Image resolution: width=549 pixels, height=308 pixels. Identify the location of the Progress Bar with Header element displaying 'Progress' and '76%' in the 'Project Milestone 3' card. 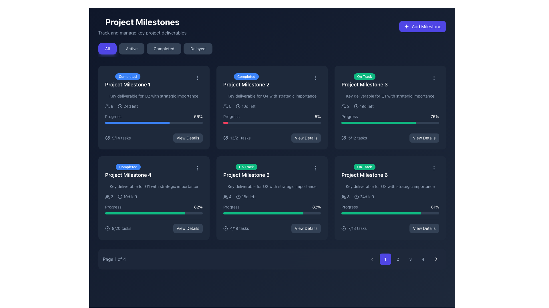
(390, 118).